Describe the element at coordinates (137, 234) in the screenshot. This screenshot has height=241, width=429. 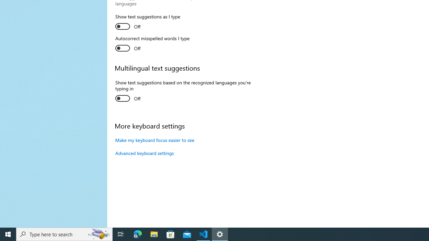
I see `'Microsoft Edge'` at that location.